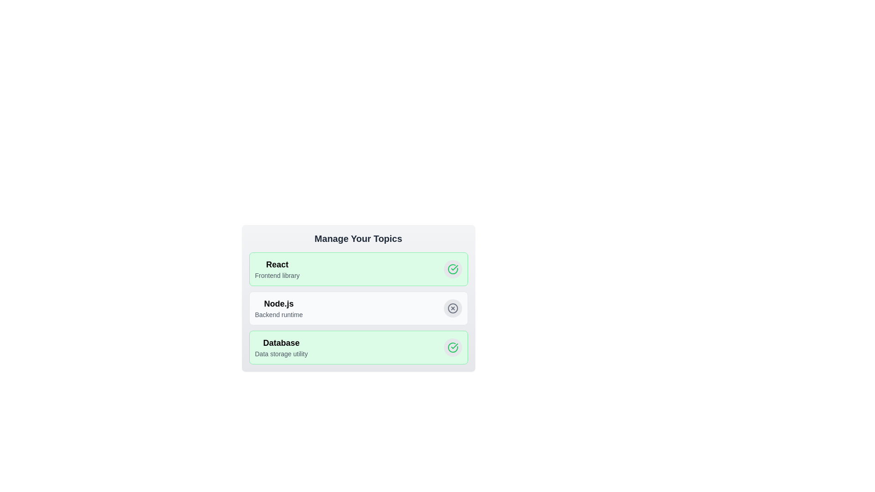 This screenshot has height=492, width=875. I want to click on the tag labeled Node.js to observe its hover effect, so click(278, 308).